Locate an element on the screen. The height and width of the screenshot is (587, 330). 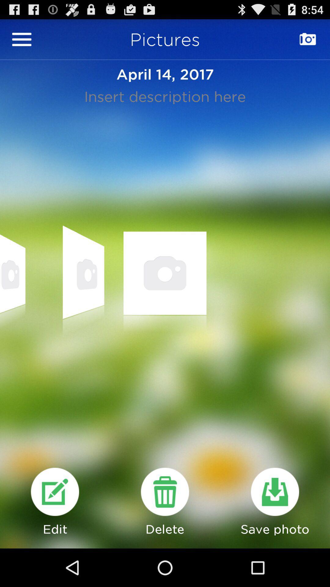
delete page is located at coordinates (165, 492).